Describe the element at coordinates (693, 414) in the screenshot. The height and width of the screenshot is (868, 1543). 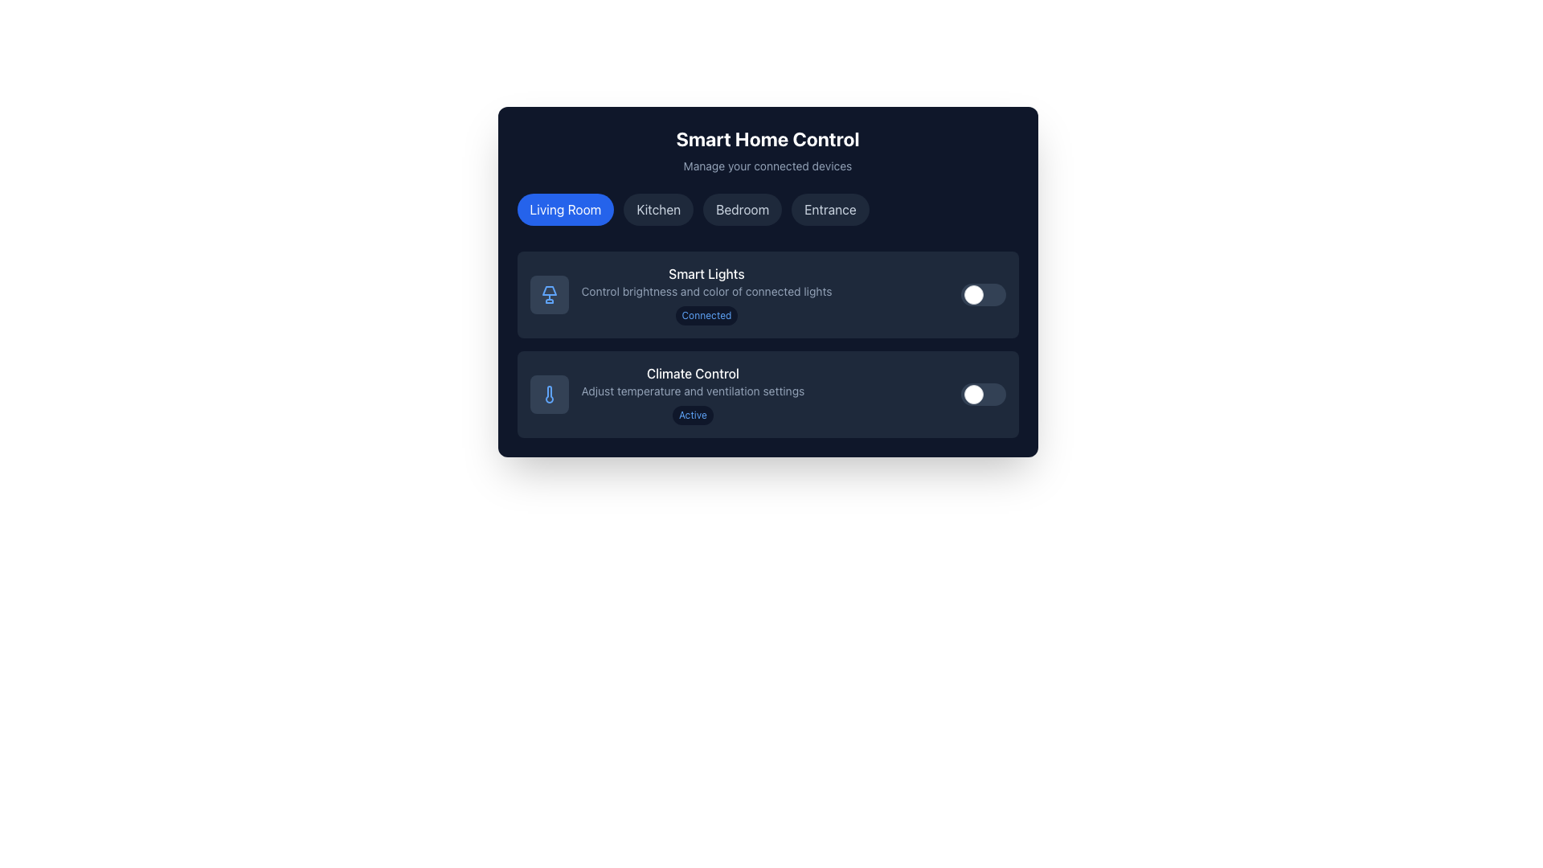
I see `the 'Active' label with a dark slate background and blue text located in the 'Climate Control' section, directly below the subtitle 'Adjust temperature and ventilation settings'` at that location.